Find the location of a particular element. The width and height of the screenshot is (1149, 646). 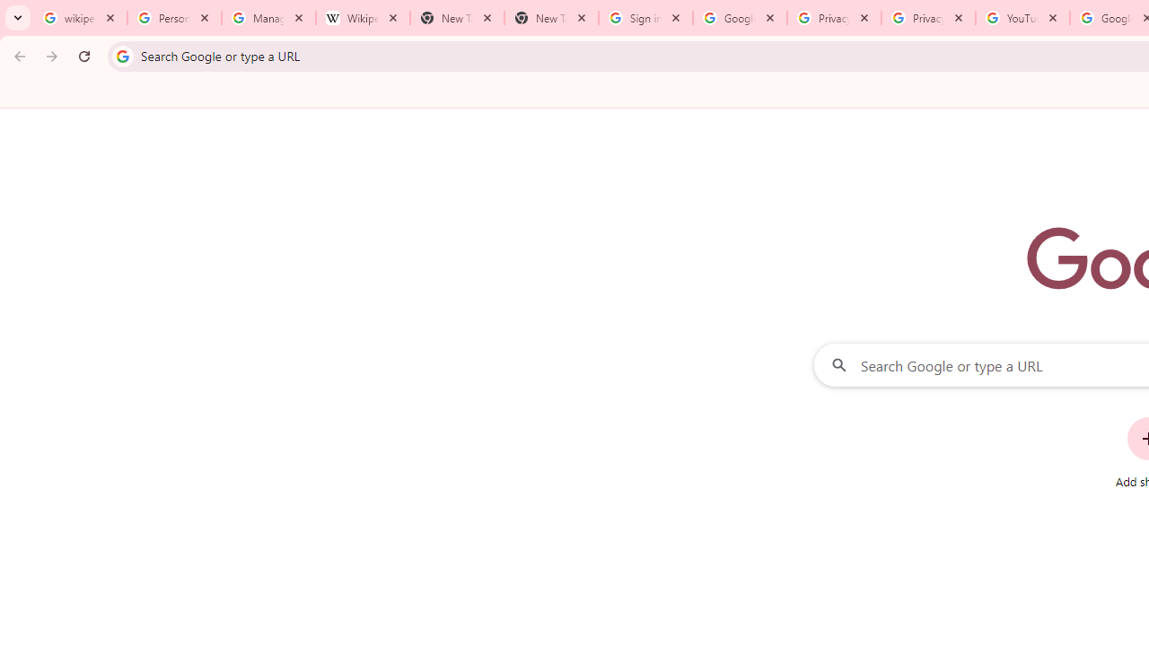

'Manage your Location History - Google Search Help' is located at coordinates (268, 18).